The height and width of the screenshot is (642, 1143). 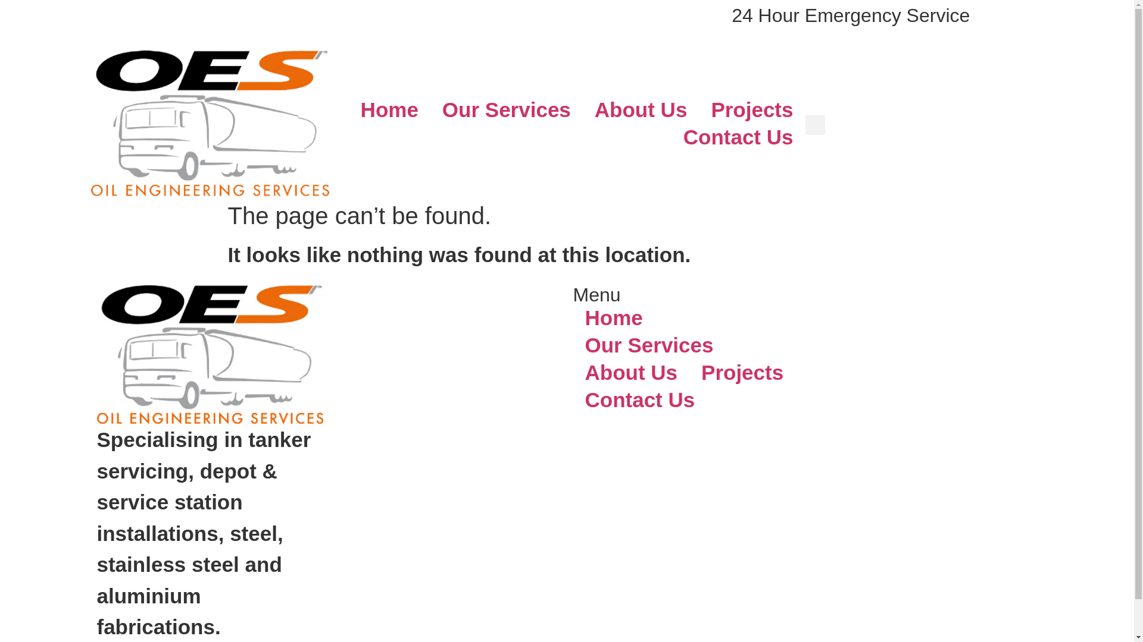 What do you see at coordinates (389, 110) in the screenshot?
I see `'Home'` at bounding box center [389, 110].